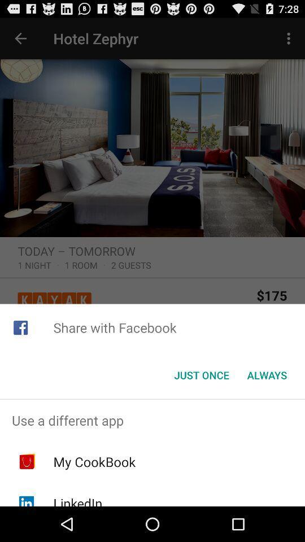 This screenshot has height=542, width=305. I want to click on icon above my cookbook icon, so click(152, 419).